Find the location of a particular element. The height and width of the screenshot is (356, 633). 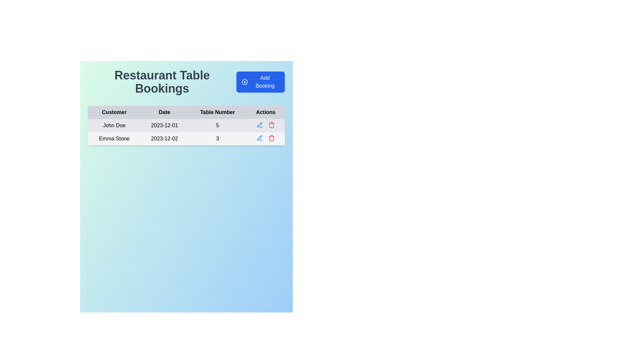

the 'Actions' text label, which is a bold, centered column title in the header of a data table, located at the far-right position of the header is located at coordinates (266, 112).